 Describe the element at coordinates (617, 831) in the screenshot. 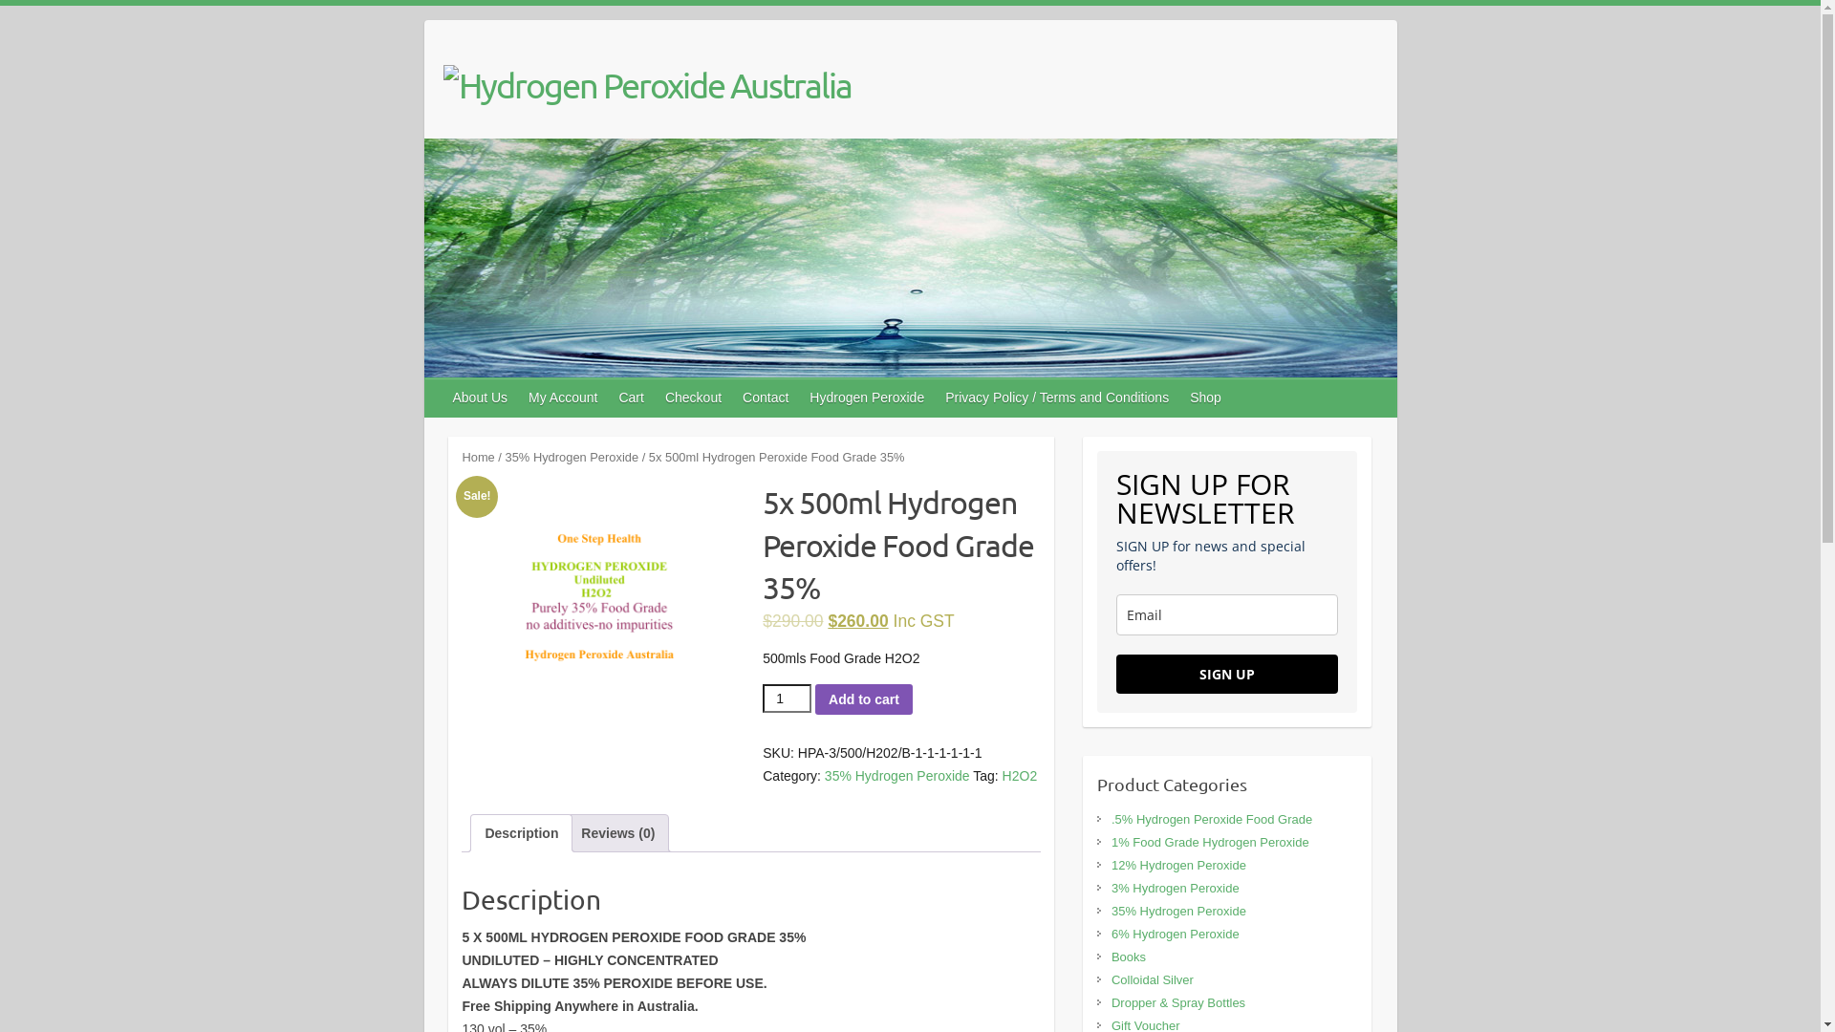

I see `'Reviews (0)'` at that location.